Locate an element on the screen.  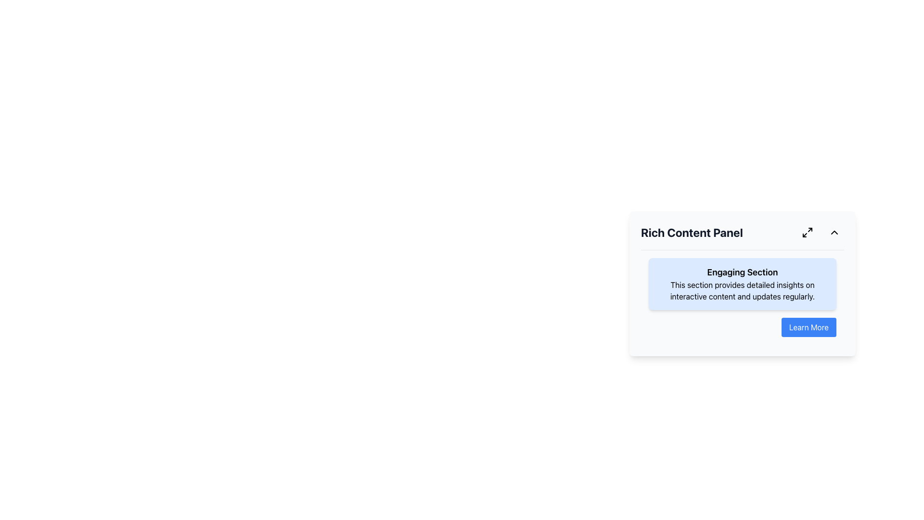
descriptive text content of the 'Rich Content Panel', which contains a header titled 'Rich Content Panel' and a subsection labeled 'Engaging Section' is located at coordinates (742, 283).